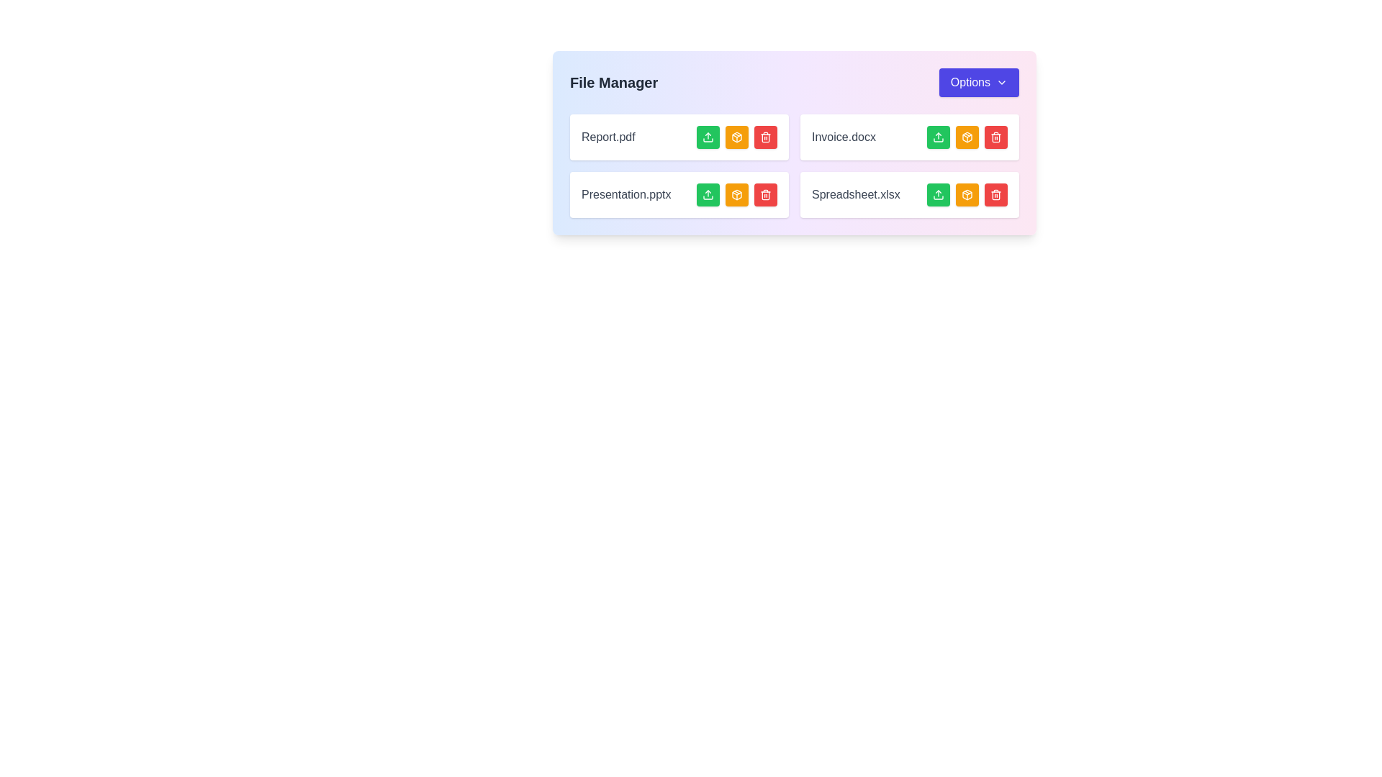 The image size is (1382, 777). Describe the element at coordinates (978, 83) in the screenshot. I see `the button` at that location.